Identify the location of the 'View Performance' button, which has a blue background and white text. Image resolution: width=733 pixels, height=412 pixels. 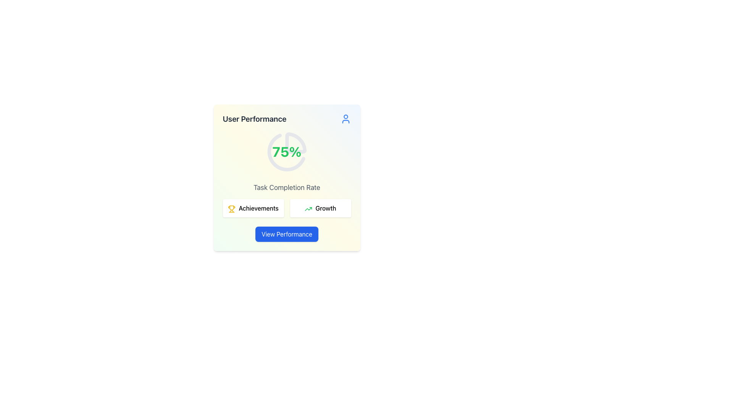
(286, 233).